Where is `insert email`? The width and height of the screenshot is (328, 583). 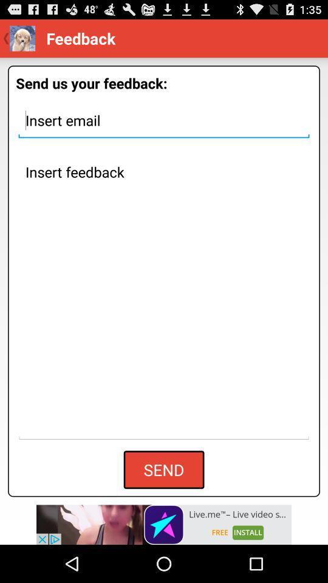 insert email is located at coordinates (164, 120).